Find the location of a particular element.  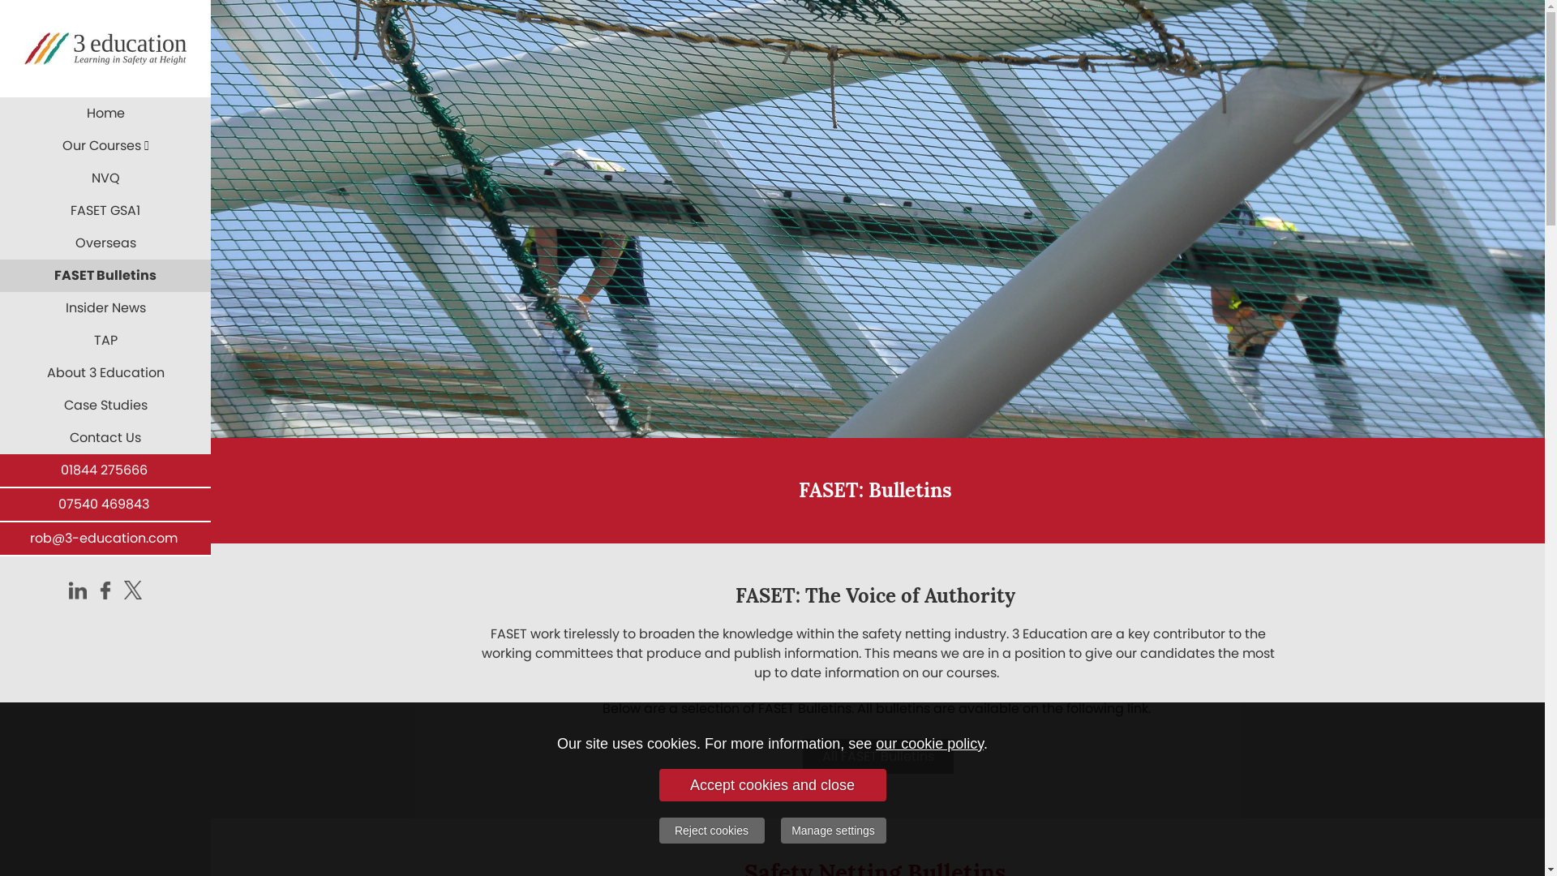

'Case Studies' is located at coordinates (104, 405).